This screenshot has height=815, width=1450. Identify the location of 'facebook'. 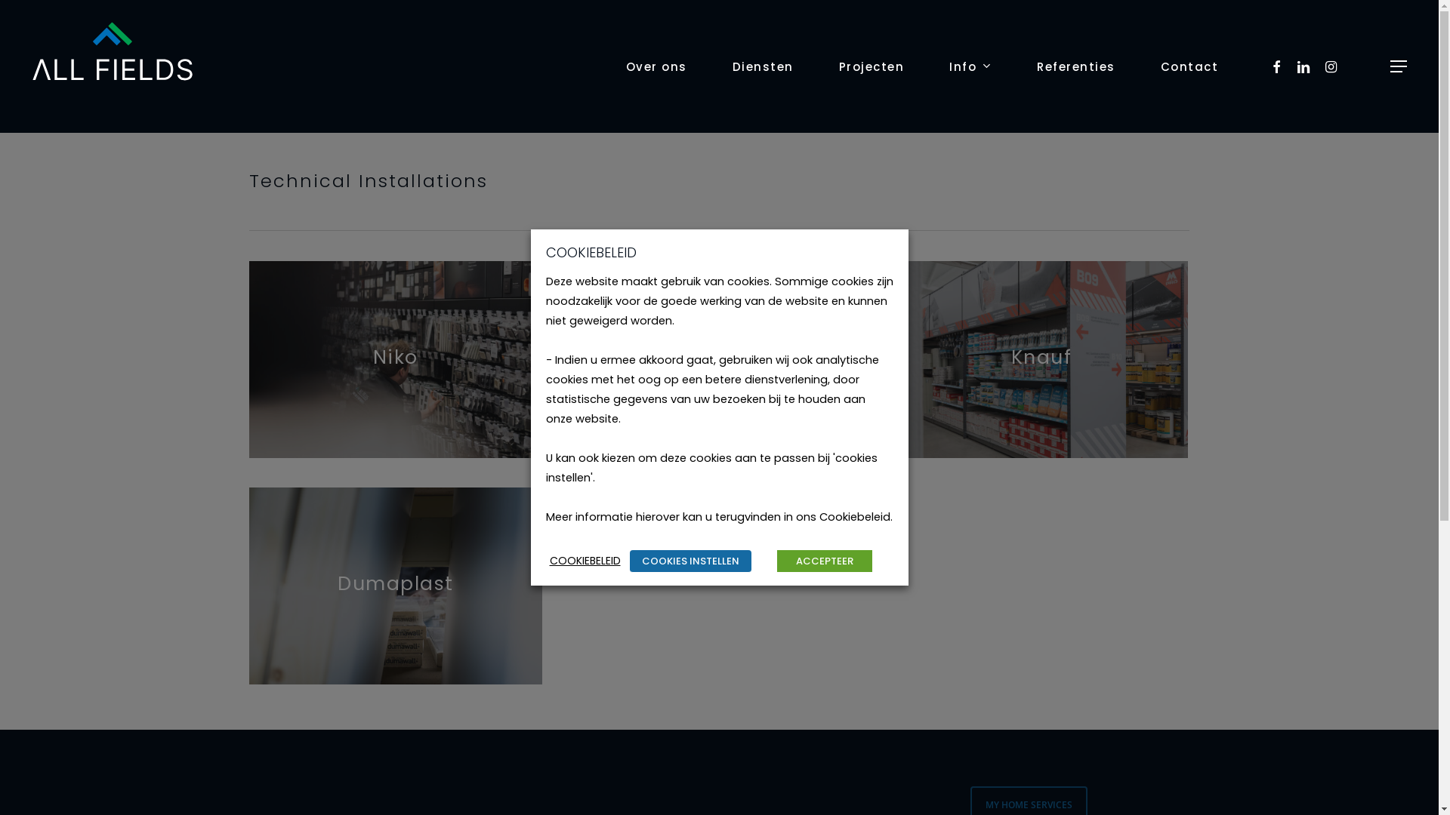
(1276, 66).